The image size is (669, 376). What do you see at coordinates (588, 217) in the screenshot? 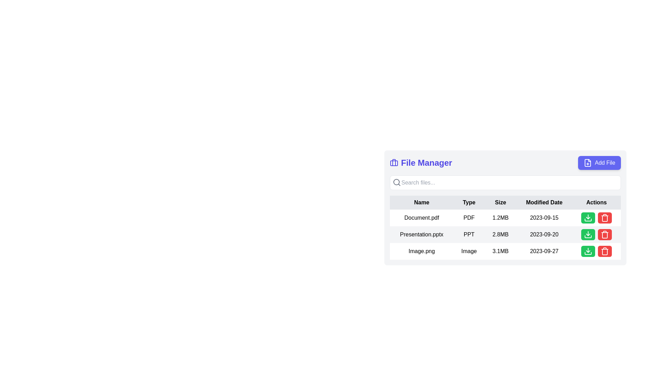
I see `the download icon within the green button in the 'Actions' column to initiate the download of the file 'Image.png'` at bounding box center [588, 217].